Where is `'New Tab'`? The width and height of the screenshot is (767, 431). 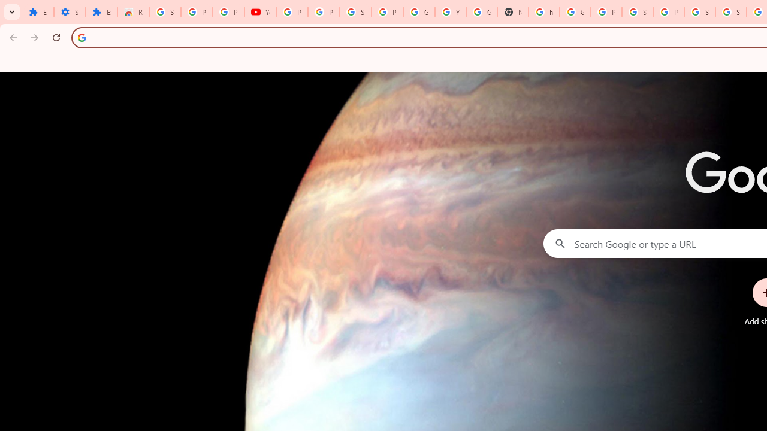
'New Tab' is located at coordinates (512, 12).